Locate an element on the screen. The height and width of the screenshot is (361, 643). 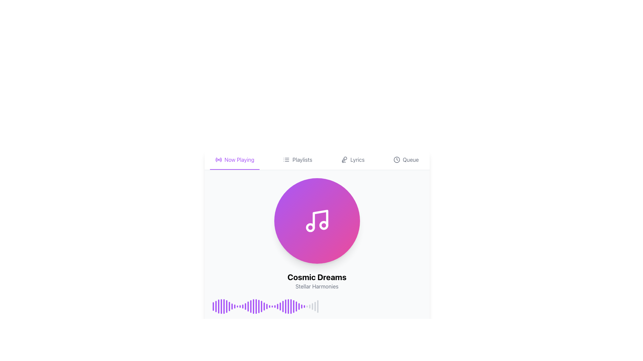
the 14th vertical bar in the waveform visualization, which is purple and slightly taller than neighboring bars, by clicking on it to interact with the waveform as a whole is located at coordinates (247, 307).